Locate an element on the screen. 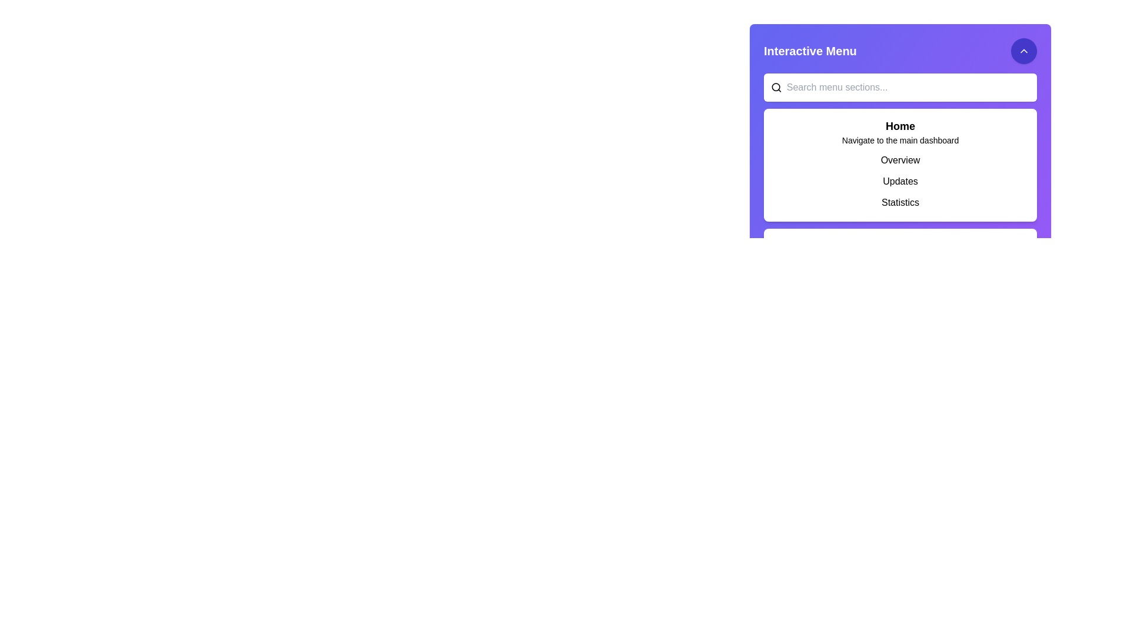 The width and height of the screenshot is (1130, 635). the upwards-pointing arrow icon within the rounded purple button located near the upper-right corner of the interactive menu interface is located at coordinates (1023, 51).